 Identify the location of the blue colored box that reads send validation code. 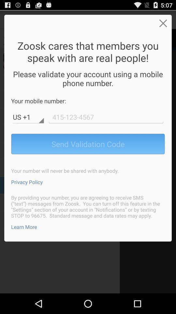
(88, 144).